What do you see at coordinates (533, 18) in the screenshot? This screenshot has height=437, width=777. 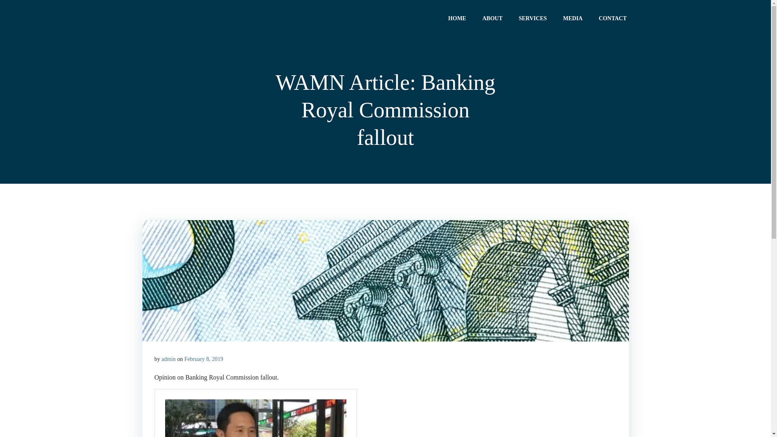 I see `'SERVICES'` at bounding box center [533, 18].